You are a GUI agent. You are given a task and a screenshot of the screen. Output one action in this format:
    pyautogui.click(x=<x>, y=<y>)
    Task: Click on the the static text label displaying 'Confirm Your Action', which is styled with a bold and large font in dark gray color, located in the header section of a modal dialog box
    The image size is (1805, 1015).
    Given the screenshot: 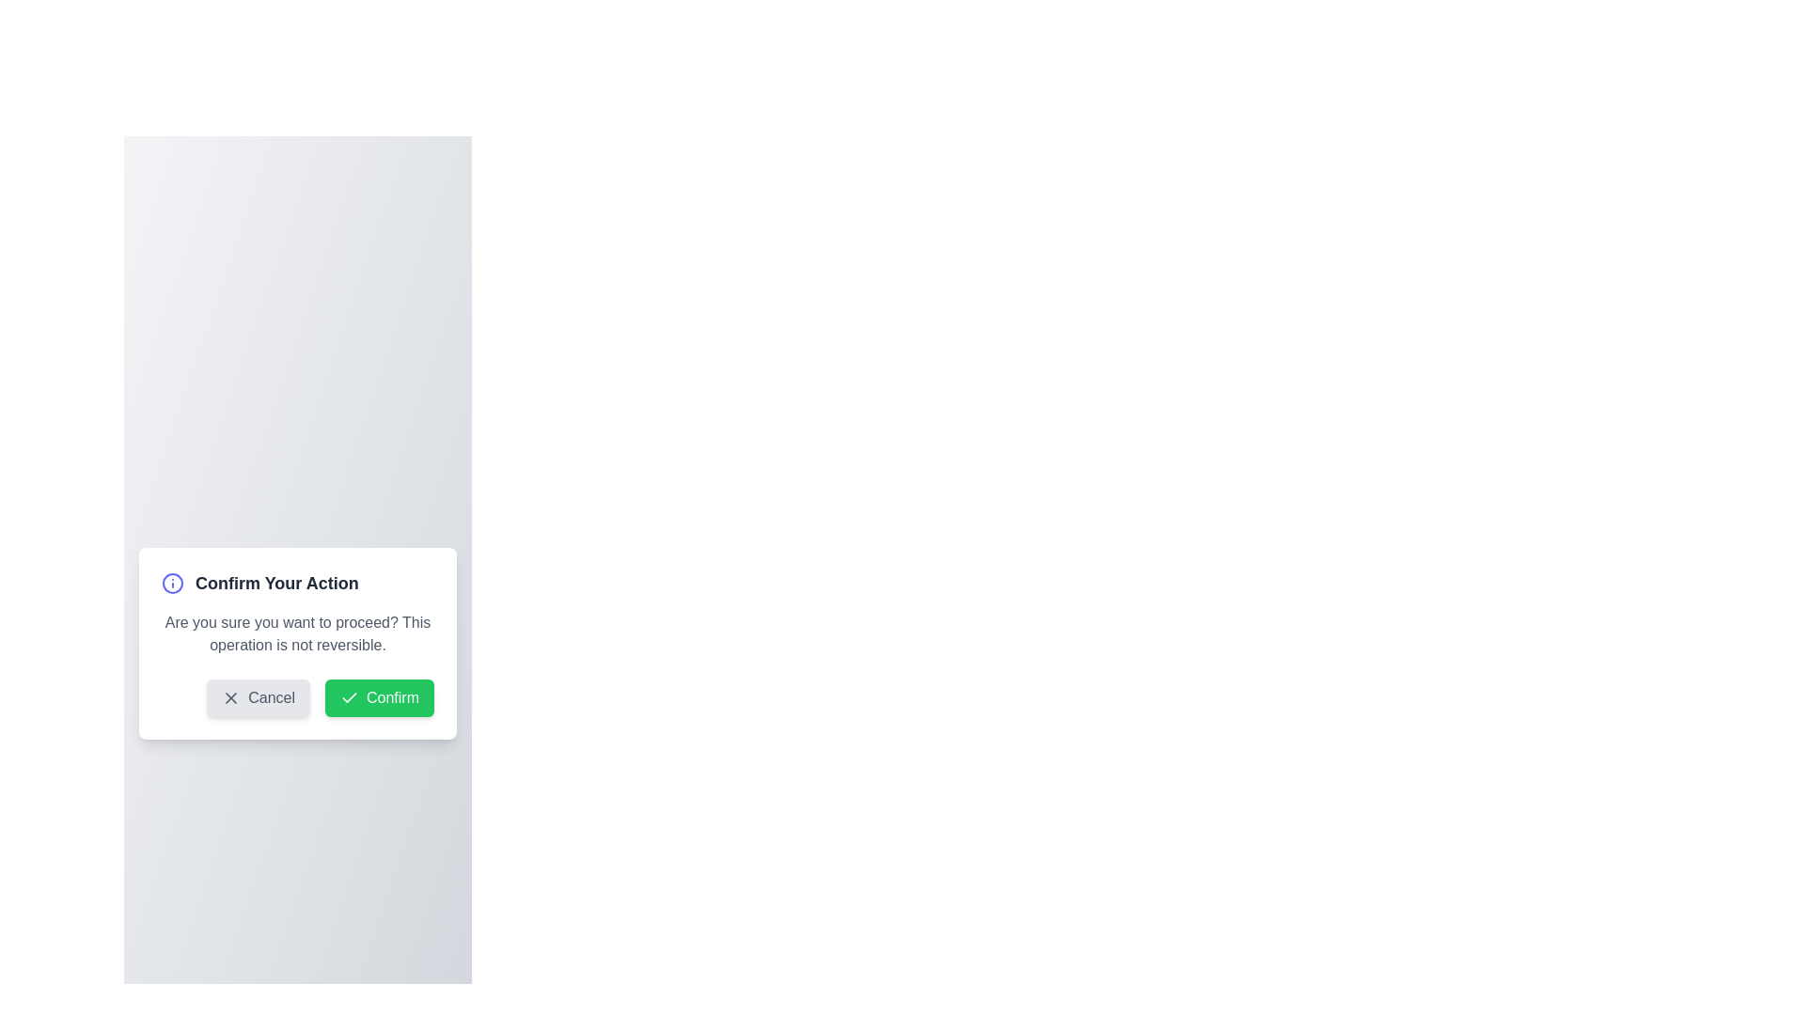 What is the action you would take?
    pyautogui.click(x=275, y=583)
    